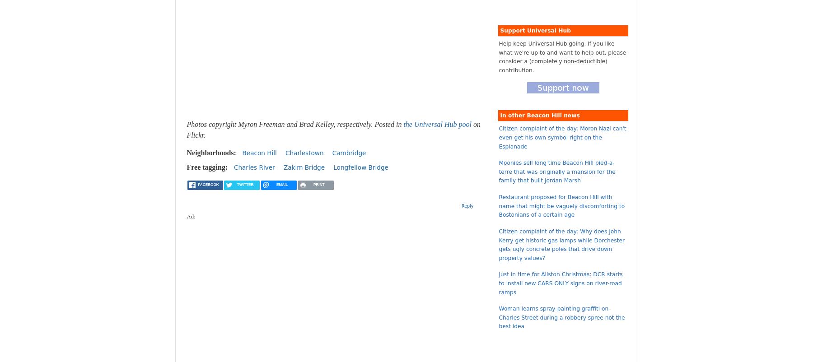 Image resolution: width=813 pixels, height=362 pixels. Describe the element at coordinates (207, 167) in the screenshot. I see `'Free tagging:'` at that location.